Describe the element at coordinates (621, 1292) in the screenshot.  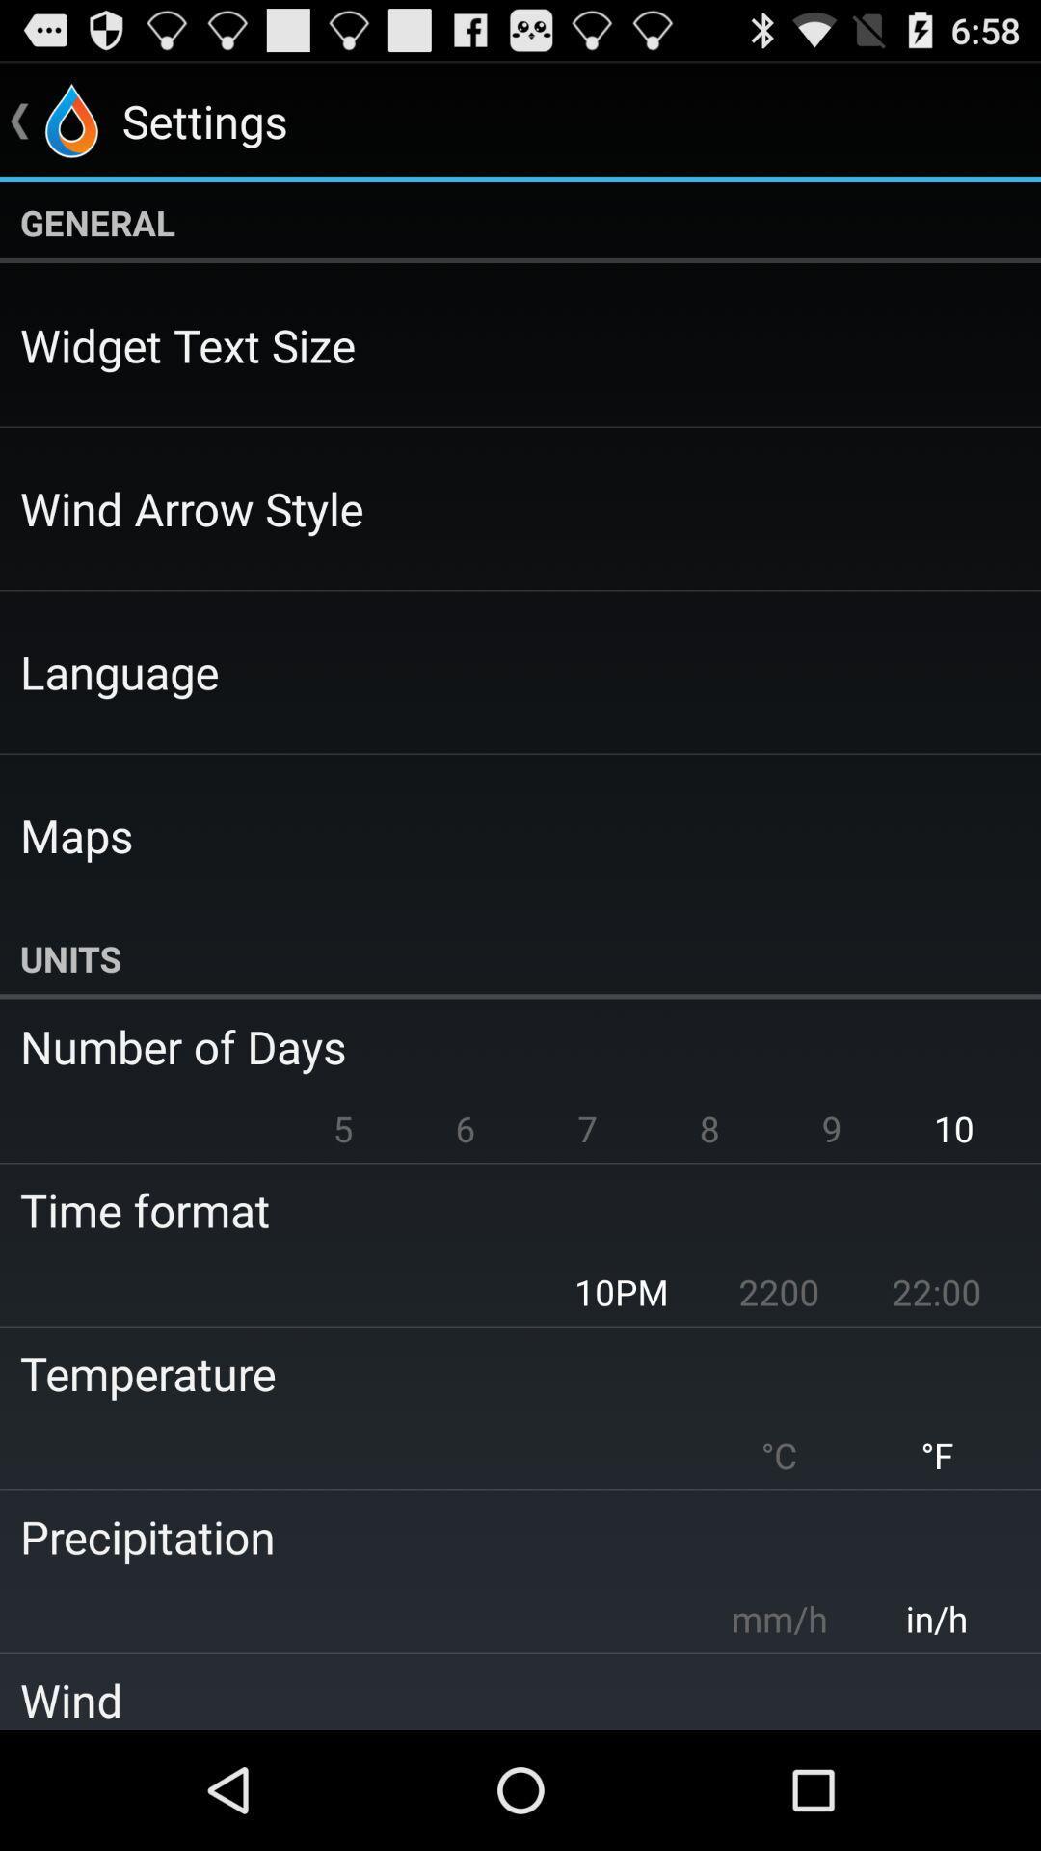
I see `10pm icon` at that location.